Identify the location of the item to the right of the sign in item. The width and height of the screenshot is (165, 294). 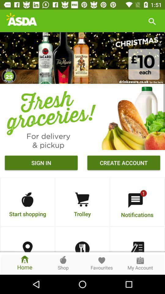
(124, 163).